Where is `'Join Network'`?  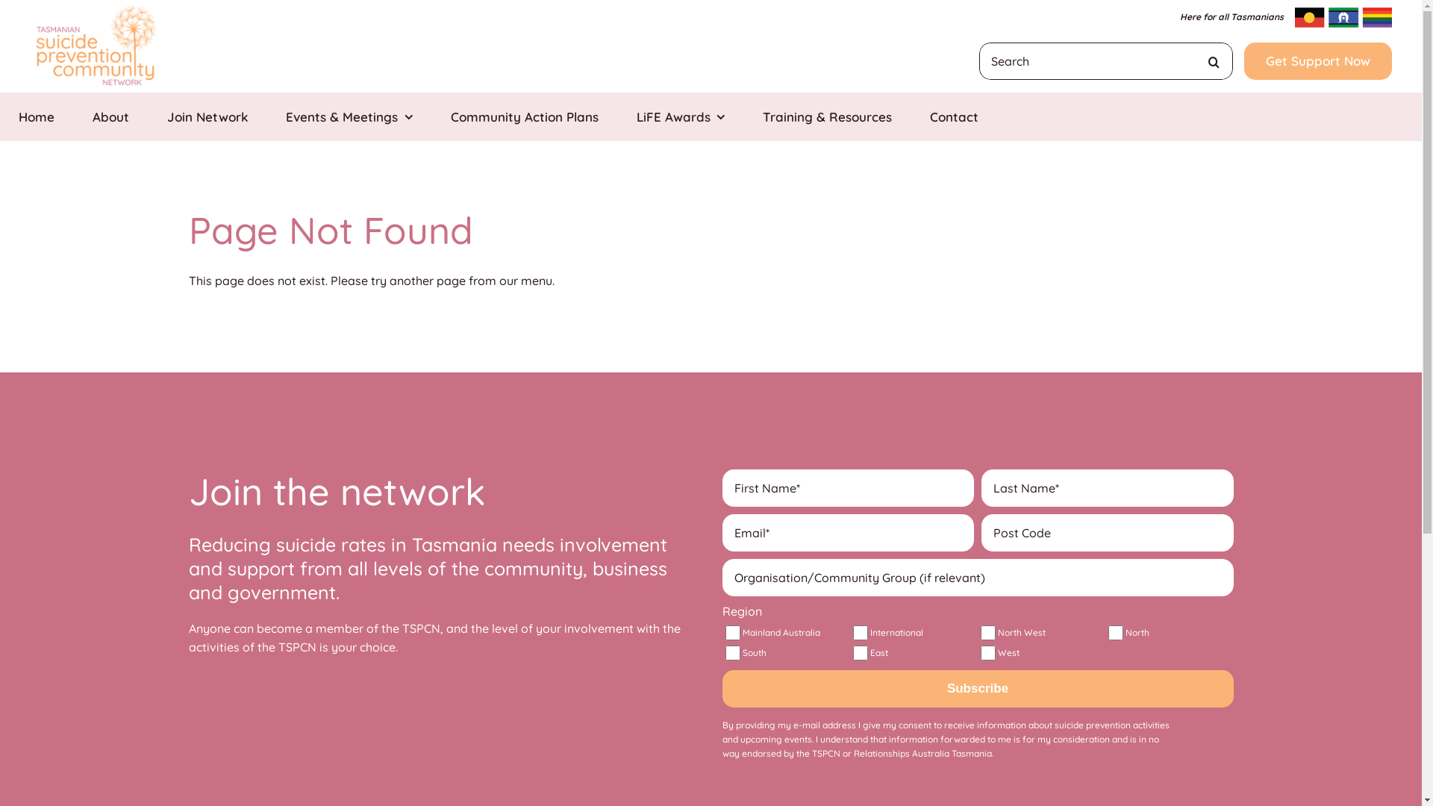 'Join Network' is located at coordinates (148, 116).